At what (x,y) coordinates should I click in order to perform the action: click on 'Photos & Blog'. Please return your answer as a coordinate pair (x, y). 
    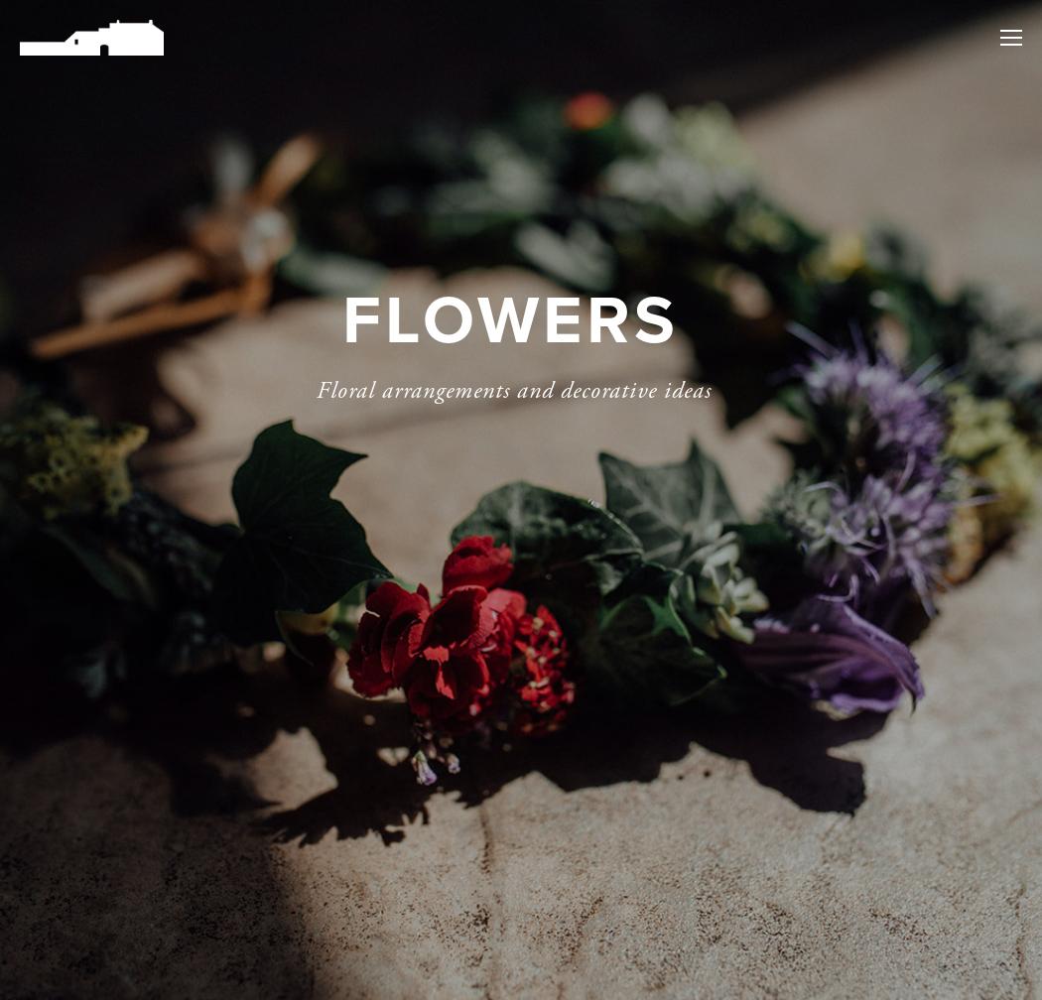
    Looking at the image, I should click on (895, 297).